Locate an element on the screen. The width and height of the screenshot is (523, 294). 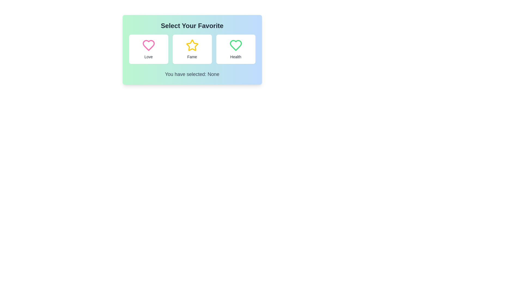
the 'Health' button to select it is located at coordinates (236, 49).